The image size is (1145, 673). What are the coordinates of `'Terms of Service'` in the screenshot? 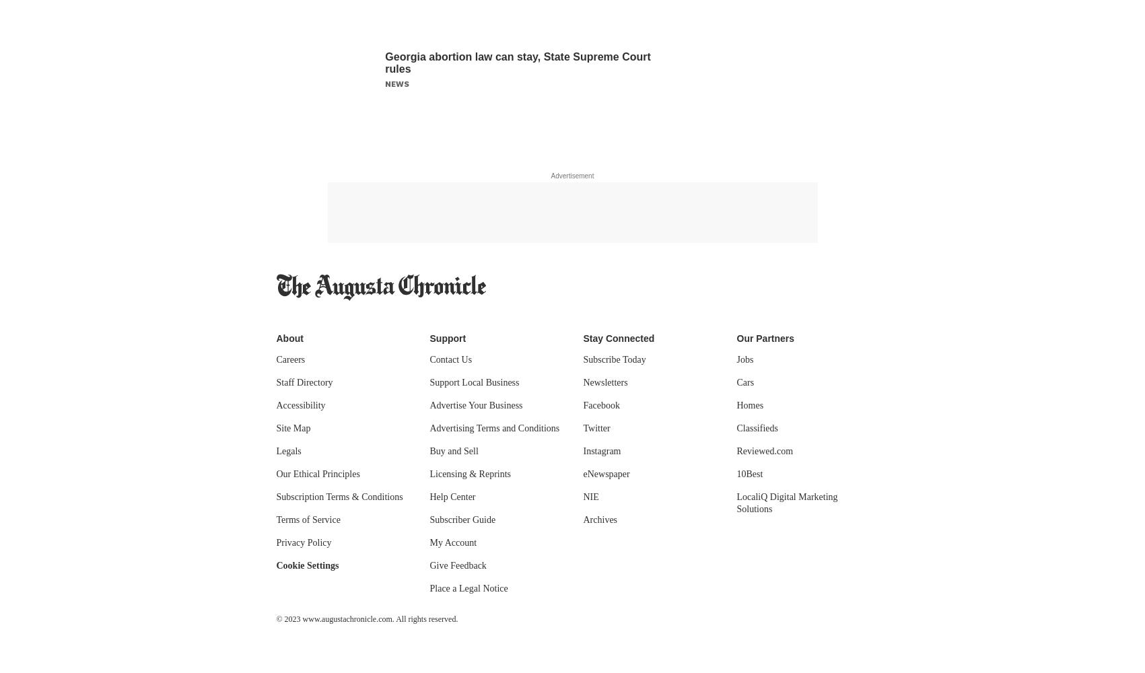 It's located at (307, 520).